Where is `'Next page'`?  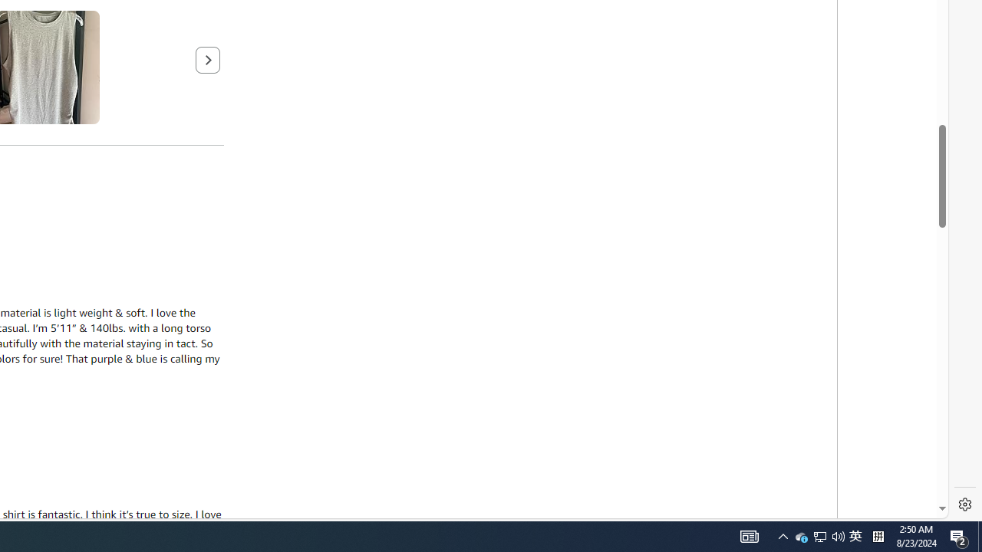
'Next page' is located at coordinates (207, 58).